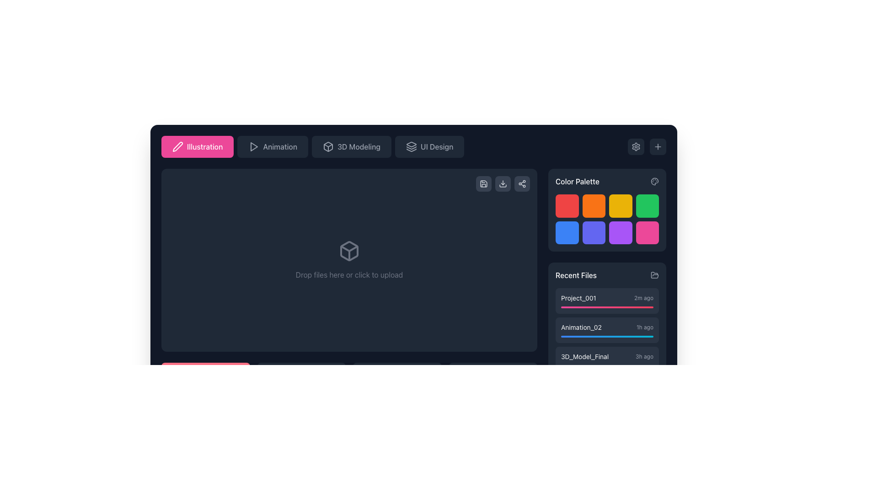 This screenshot has width=878, height=494. I want to click on the selectable color tile with a blue background located, so click(567, 232).